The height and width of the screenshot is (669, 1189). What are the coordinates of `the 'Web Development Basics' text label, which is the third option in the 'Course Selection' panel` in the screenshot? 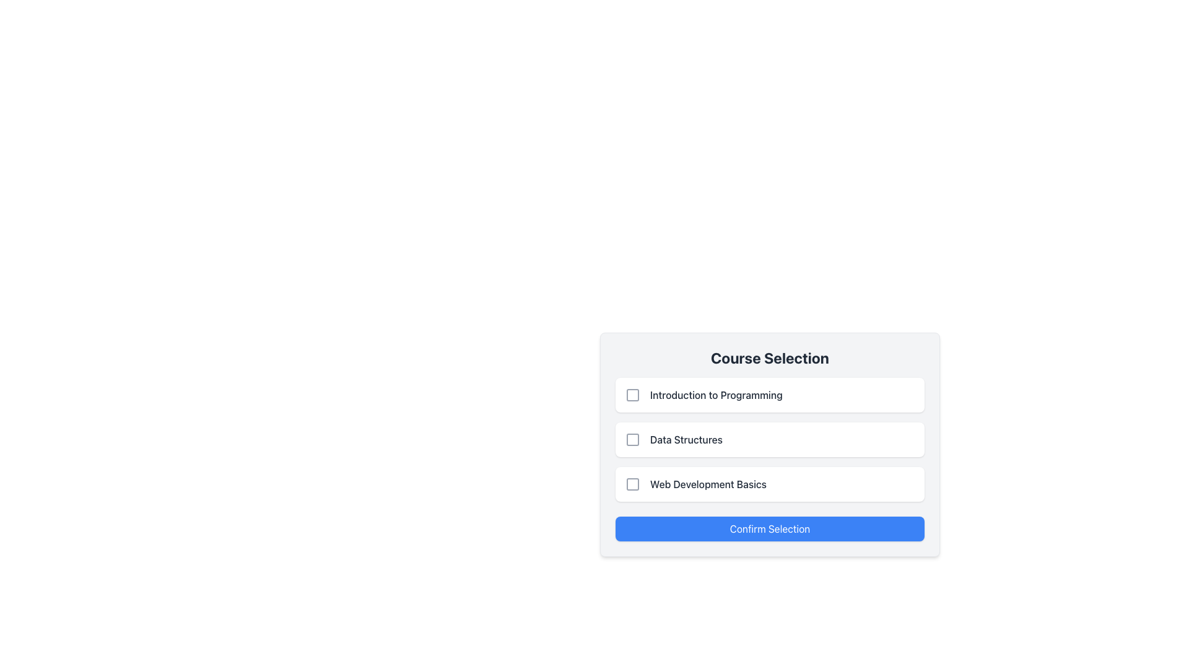 It's located at (708, 484).